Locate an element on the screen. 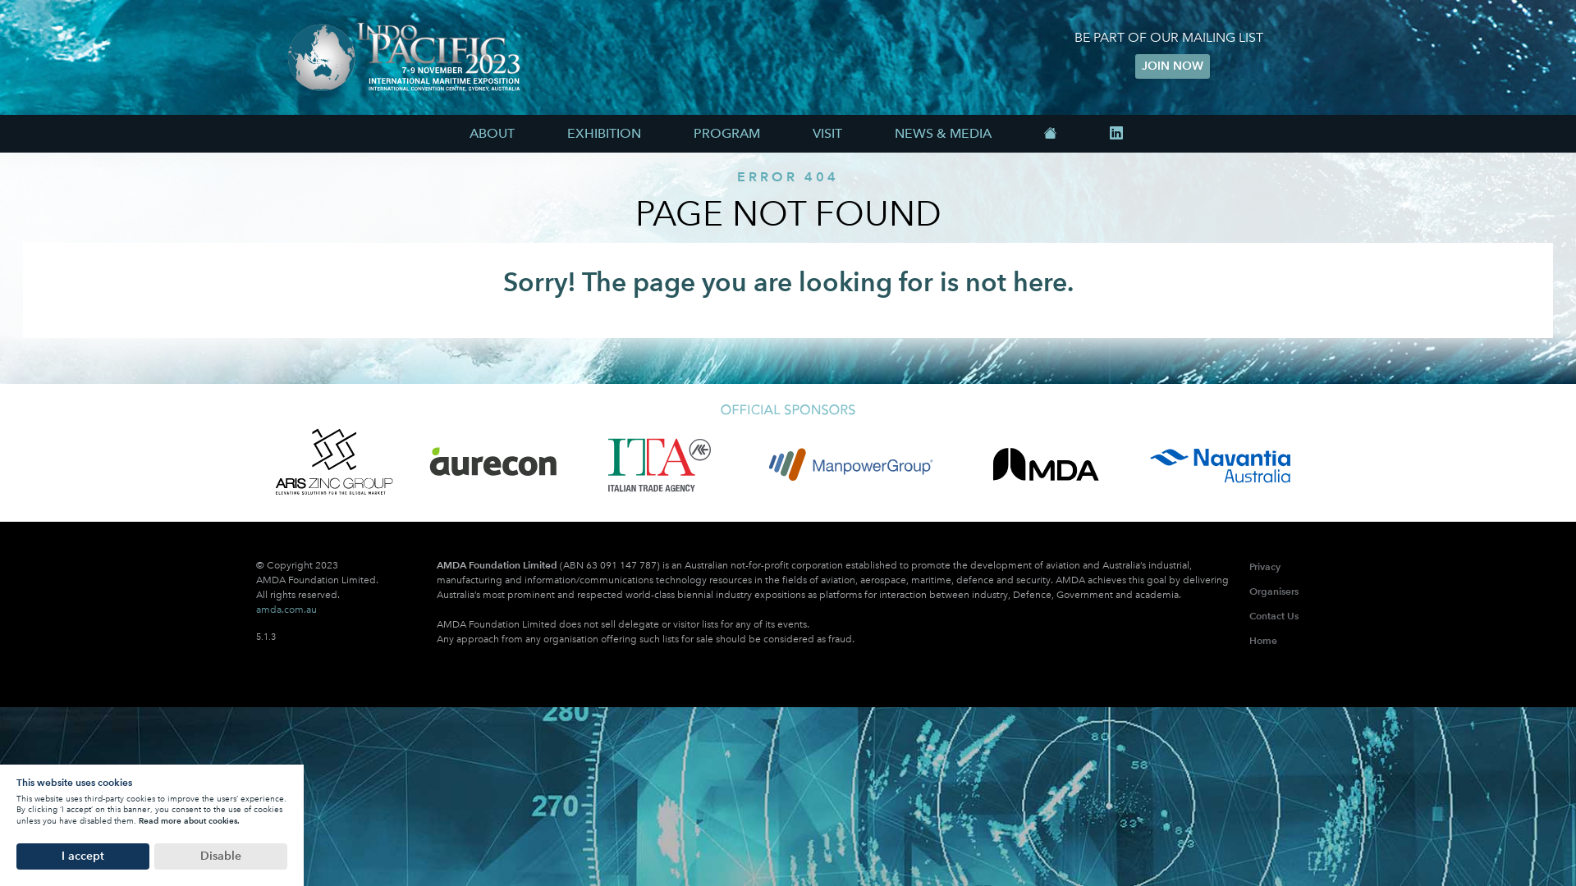 This screenshot has width=1576, height=886. 'amda.com.au' is located at coordinates (286, 610).